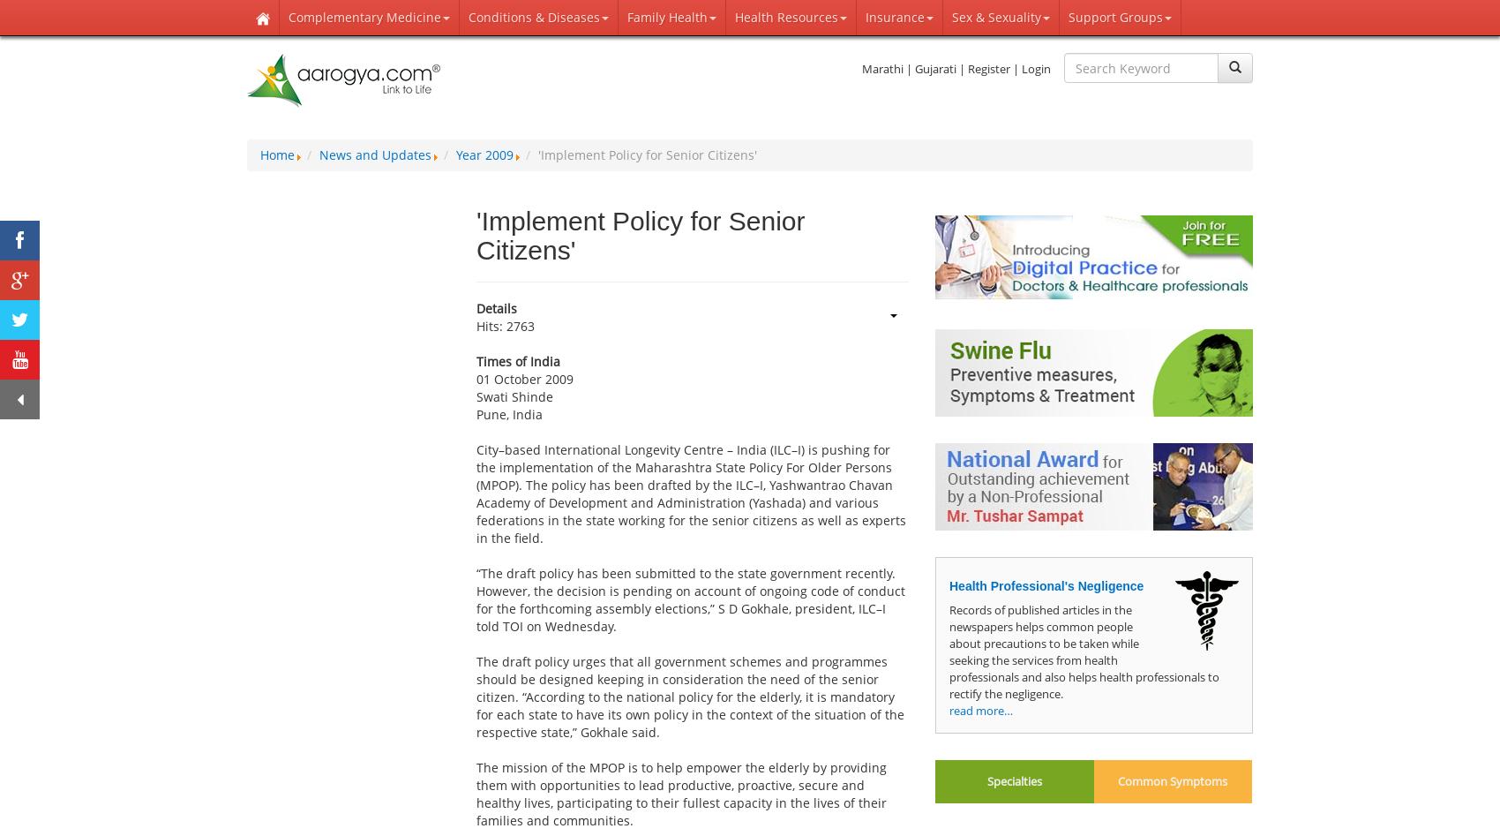 The width and height of the screenshot is (1500, 836). What do you see at coordinates (996, 17) in the screenshot?
I see `'Sex & Sexuality'` at bounding box center [996, 17].